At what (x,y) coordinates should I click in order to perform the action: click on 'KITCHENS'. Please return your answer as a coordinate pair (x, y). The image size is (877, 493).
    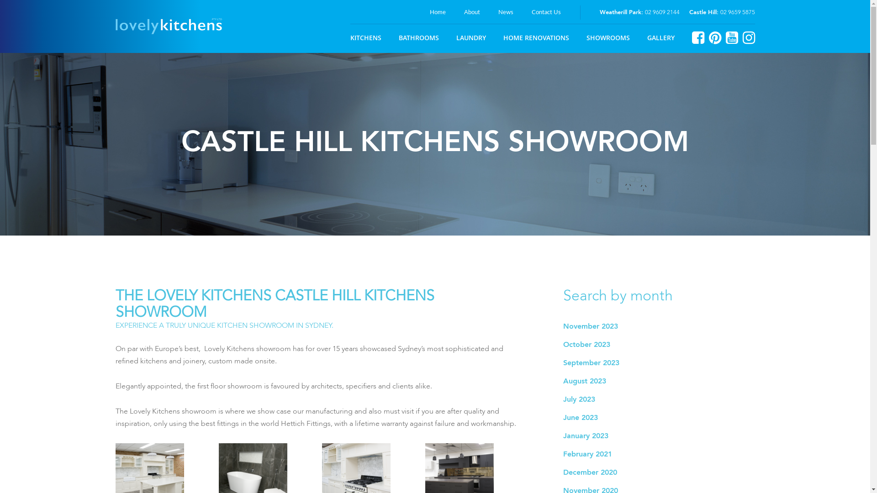
    Looking at the image, I should click on (365, 37).